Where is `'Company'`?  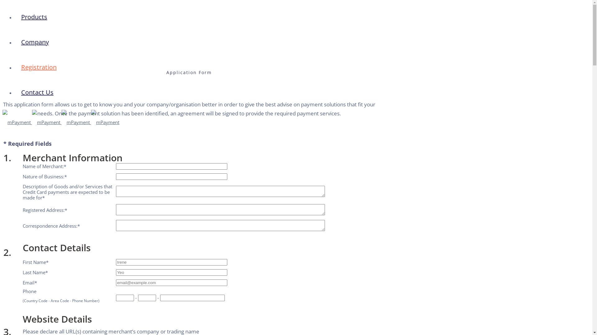
'Company' is located at coordinates (35, 42).